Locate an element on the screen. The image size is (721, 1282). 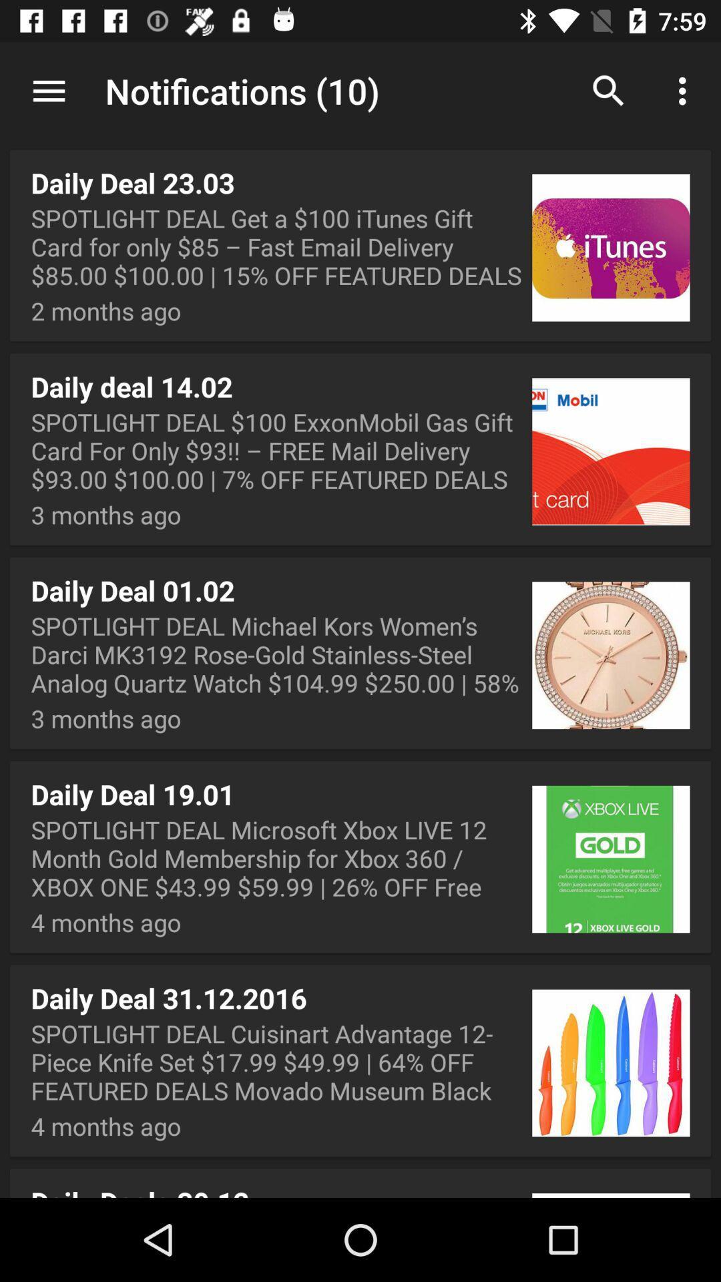
item to the right of notifications (10) app is located at coordinates (608, 90).